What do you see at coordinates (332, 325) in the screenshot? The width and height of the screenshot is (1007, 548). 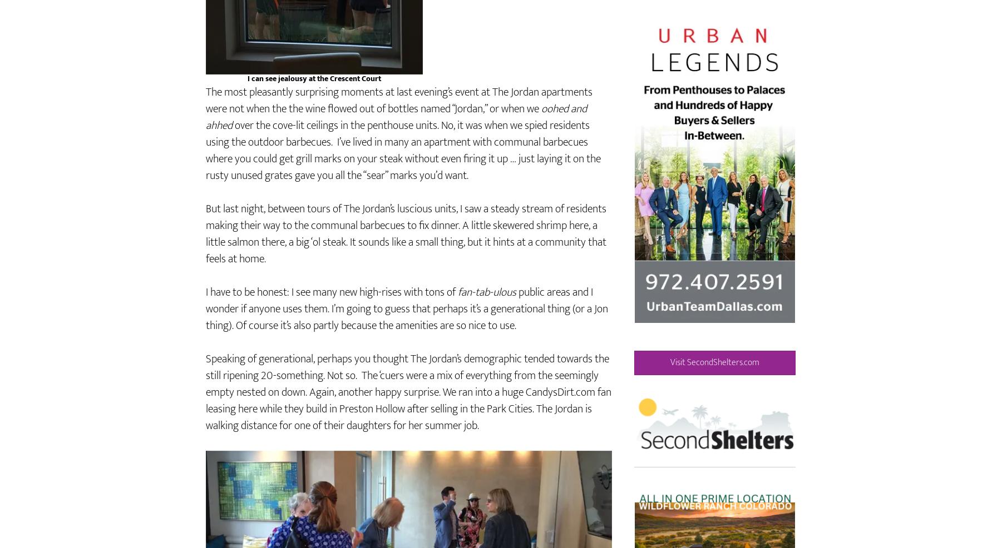 I see `'I have to be honest: I see many new high-rises with tons of'` at bounding box center [332, 325].